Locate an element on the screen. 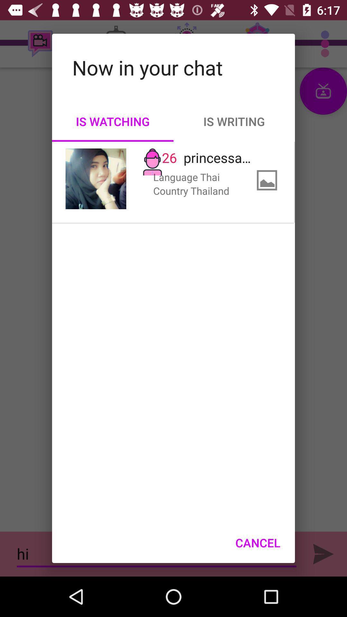 Image resolution: width=347 pixels, height=617 pixels. profile is located at coordinates (96, 179).